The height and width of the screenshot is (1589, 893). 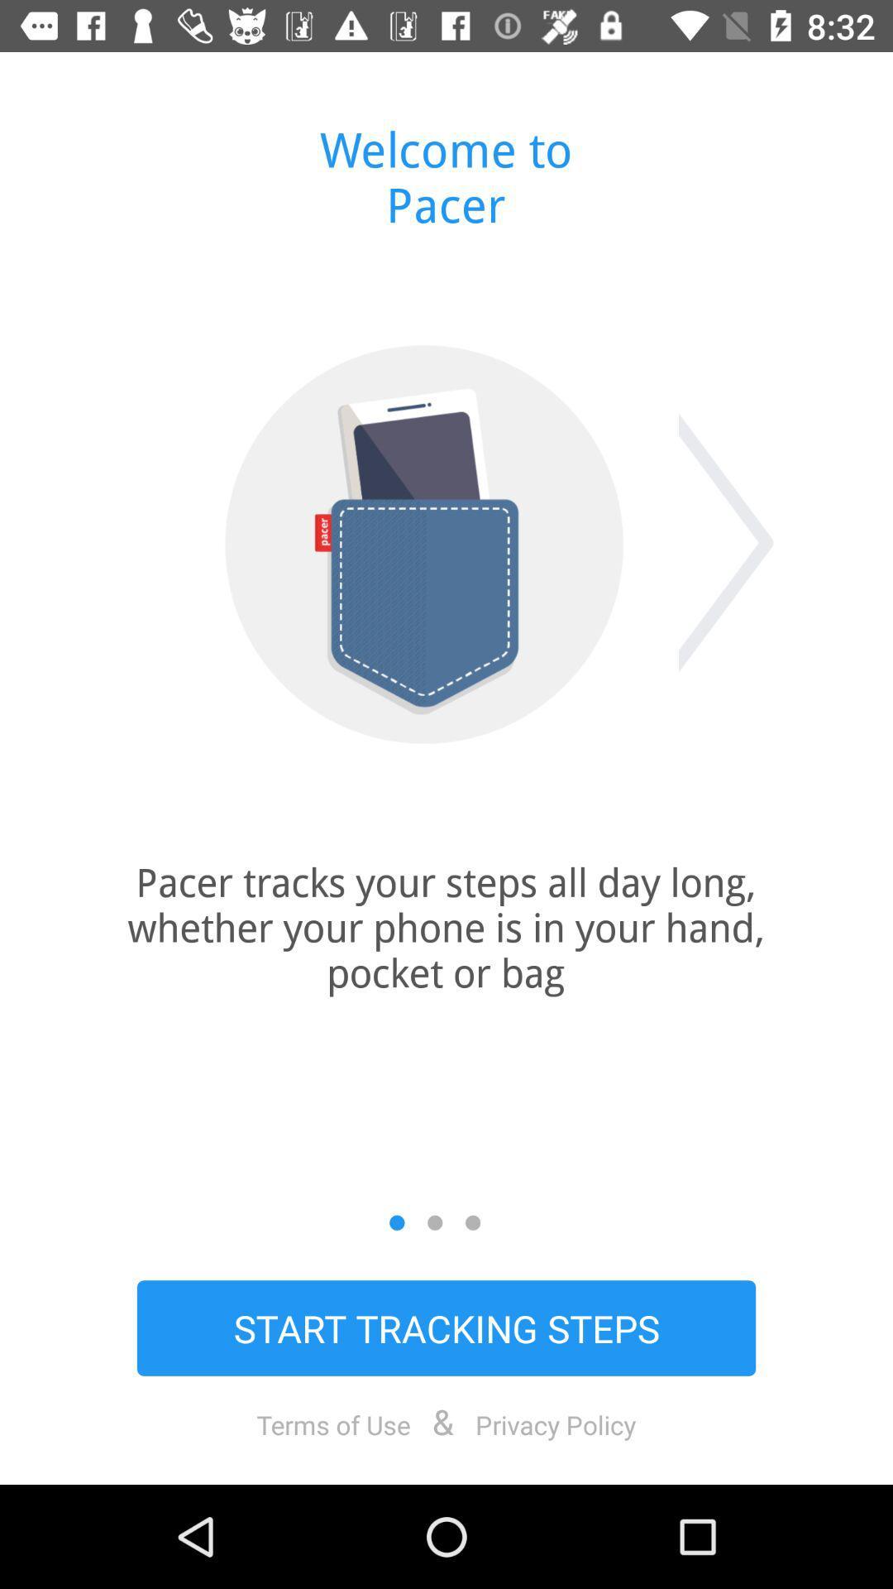 I want to click on the icon below start tracking steps icon, so click(x=333, y=1423).